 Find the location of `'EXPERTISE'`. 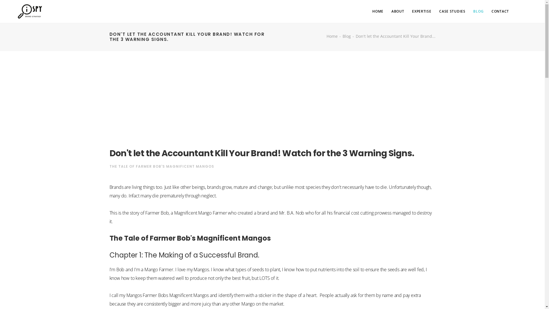

'EXPERTISE' is located at coordinates (421, 11).